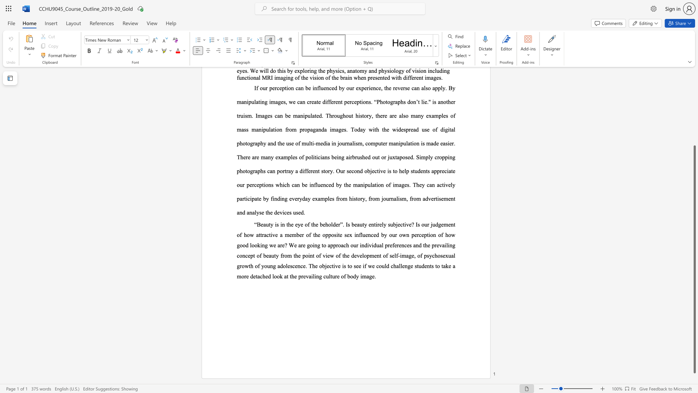 This screenshot has height=393, width=698. I want to click on the scrollbar and move up 180 pixels, so click(694, 259).